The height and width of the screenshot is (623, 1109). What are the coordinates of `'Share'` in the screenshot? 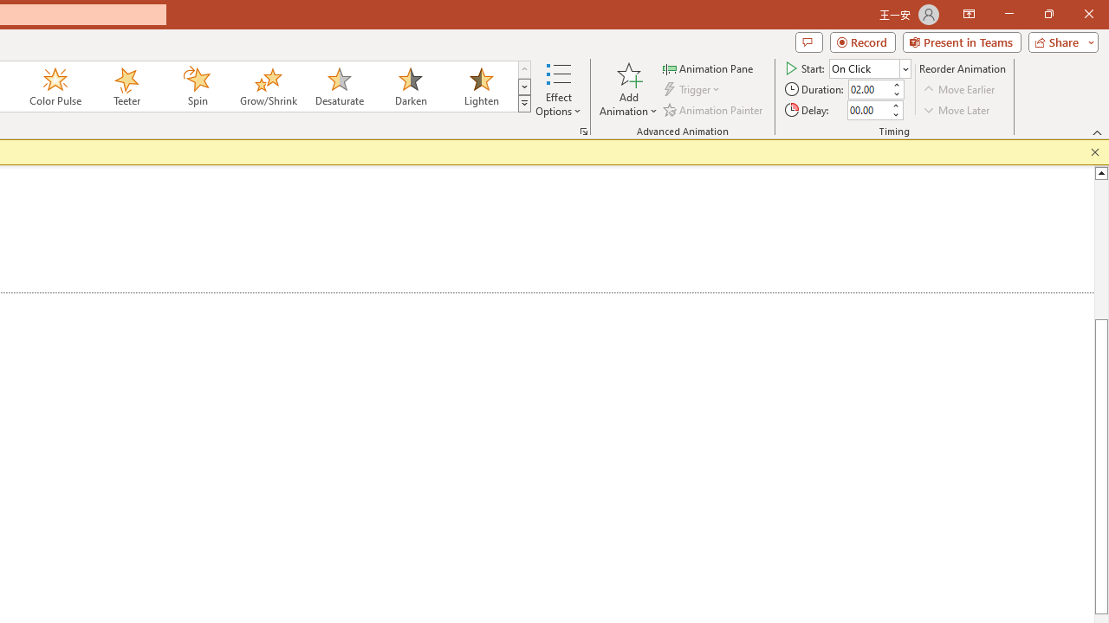 It's located at (1059, 41).